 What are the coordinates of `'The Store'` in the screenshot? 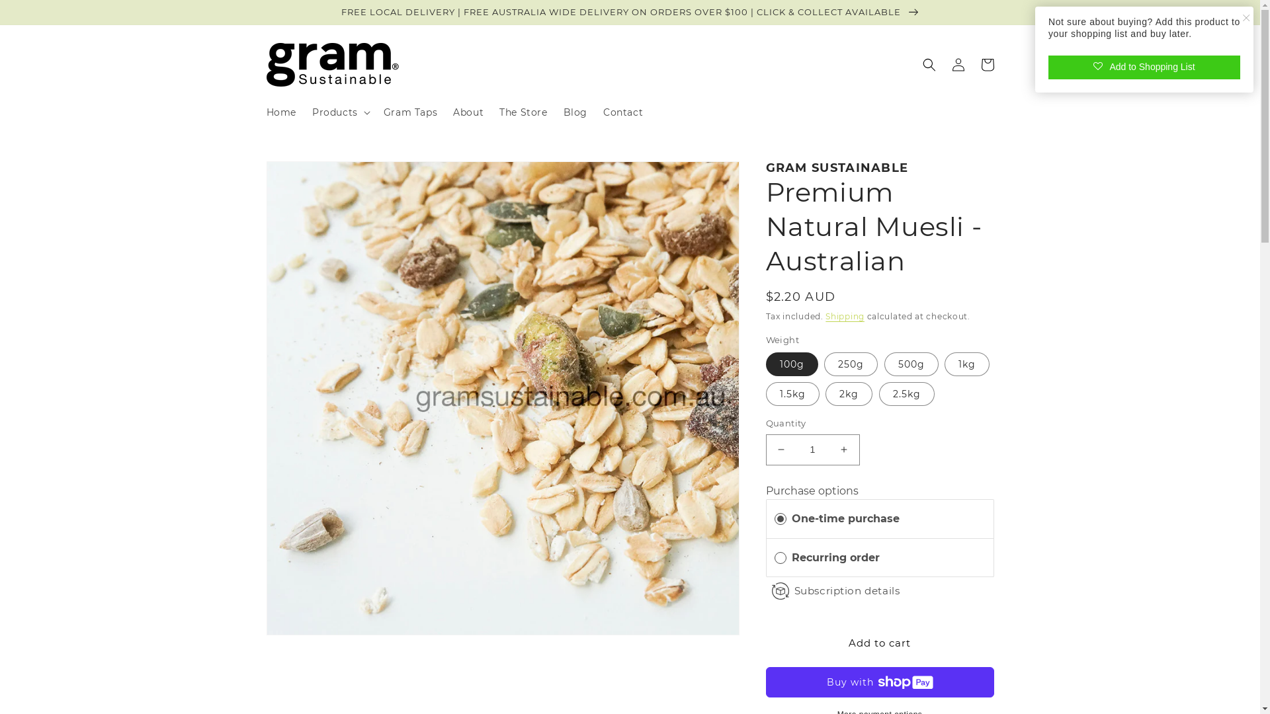 It's located at (523, 111).